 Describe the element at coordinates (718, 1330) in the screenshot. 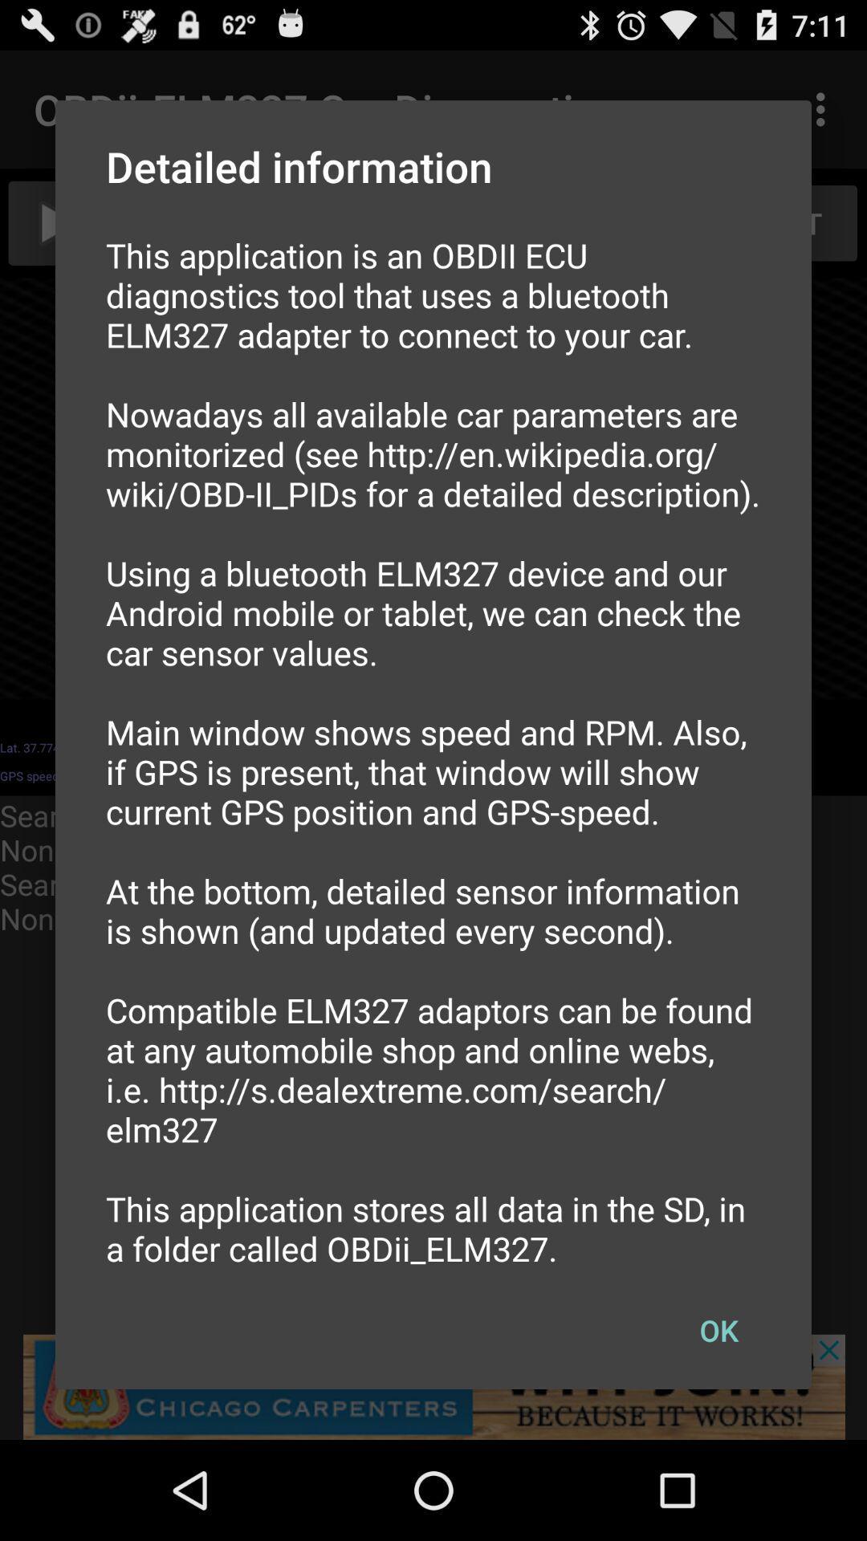

I see `the icon below this application is icon` at that location.